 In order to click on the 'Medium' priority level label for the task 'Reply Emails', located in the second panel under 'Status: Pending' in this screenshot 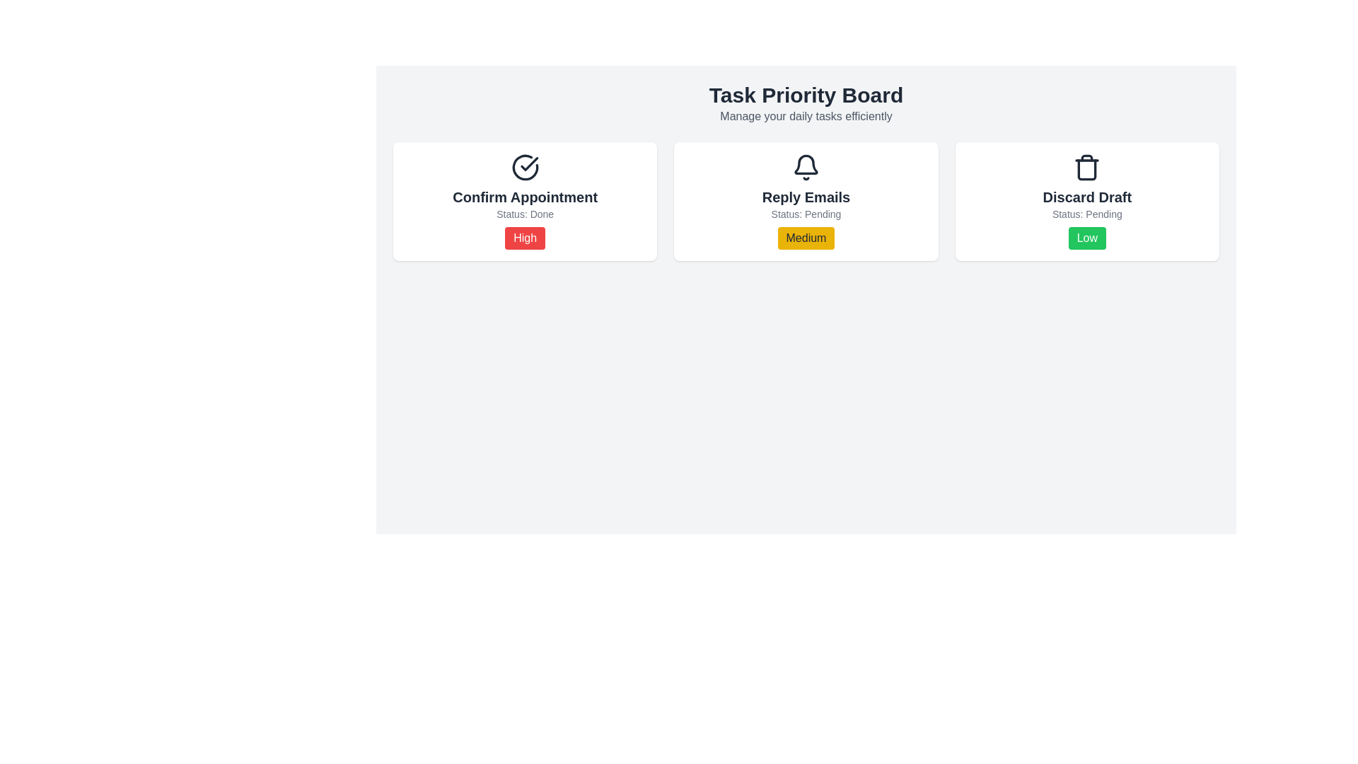, I will do `click(806, 237)`.